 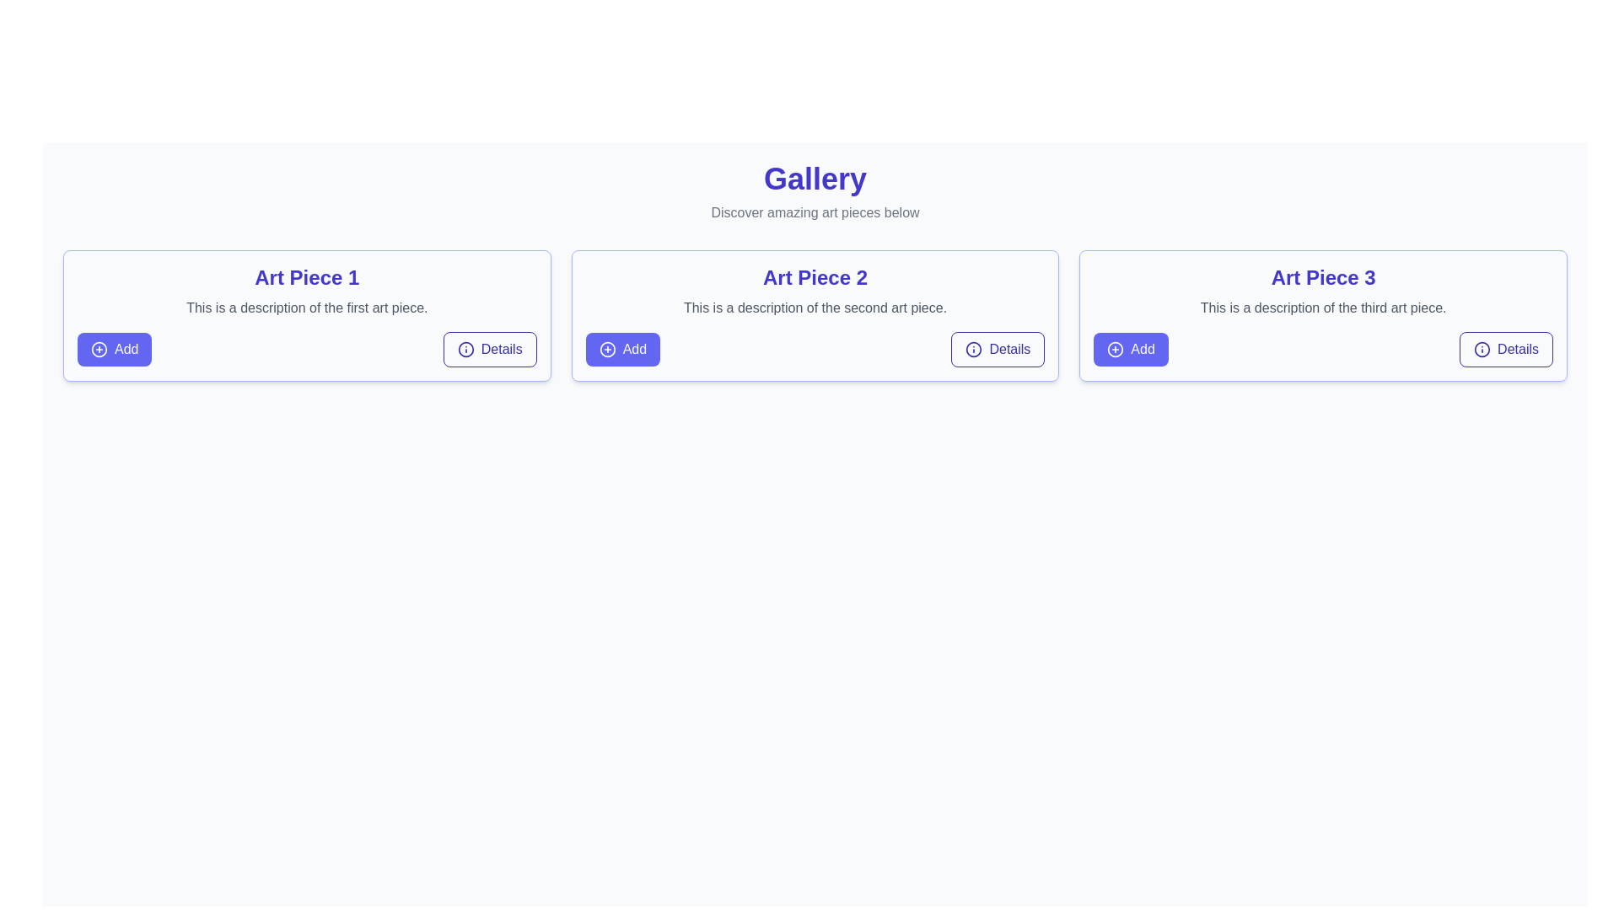 What do you see at coordinates (815, 277) in the screenshot?
I see `the text label displaying 'Art Piece 2' which is styled in a bold indigo font and serves as a header for its section` at bounding box center [815, 277].